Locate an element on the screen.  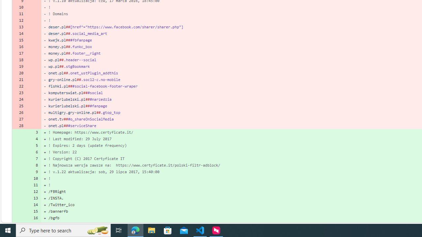
'Class: blob-num blob-num-deletion empty-cell' is located at coordinates (34, 125).